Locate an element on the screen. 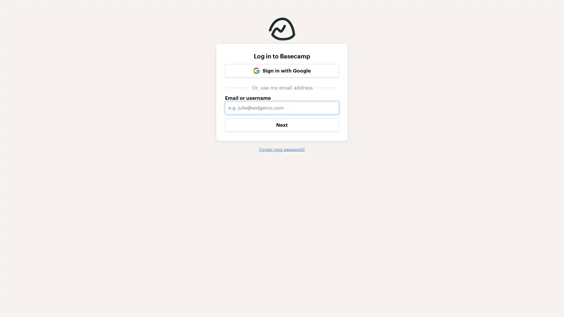 The image size is (564, 317). Google Sign in with Google is located at coordinates (282, 71).